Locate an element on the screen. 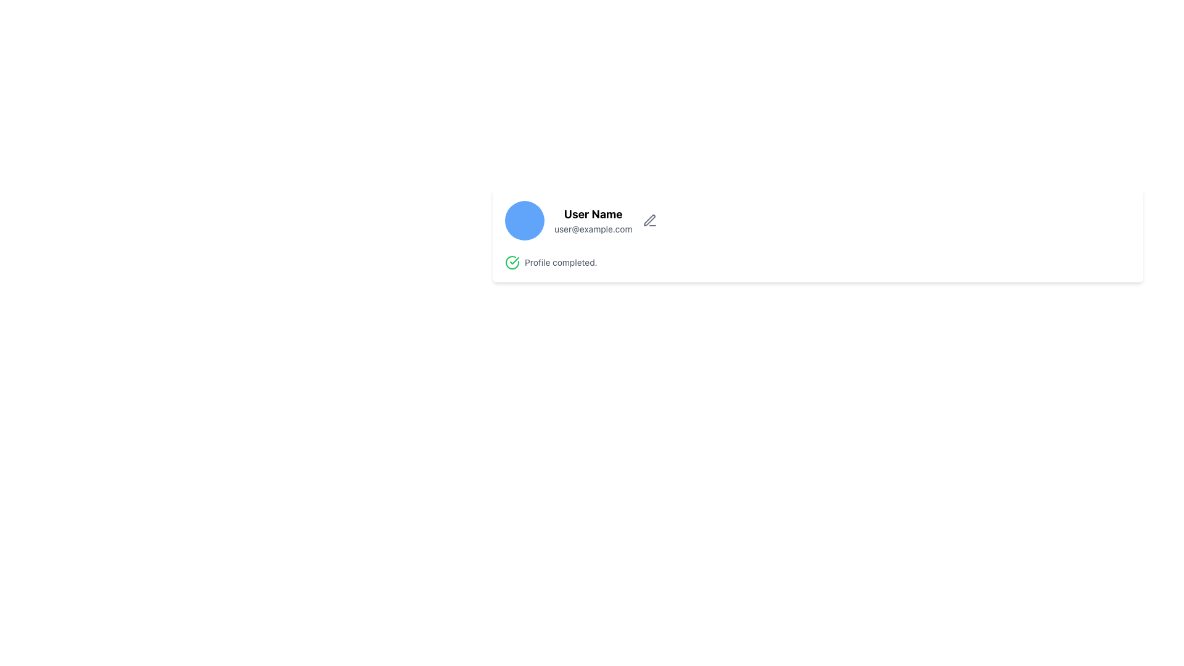 The width and height of the screenshot is (1184, 666). the label displaying the user's name 'User Name' and email 'user@example.com', located centrally in the profile information panel, to the right of the avatar and left of the edit icon is located at coordinates (593, 220).